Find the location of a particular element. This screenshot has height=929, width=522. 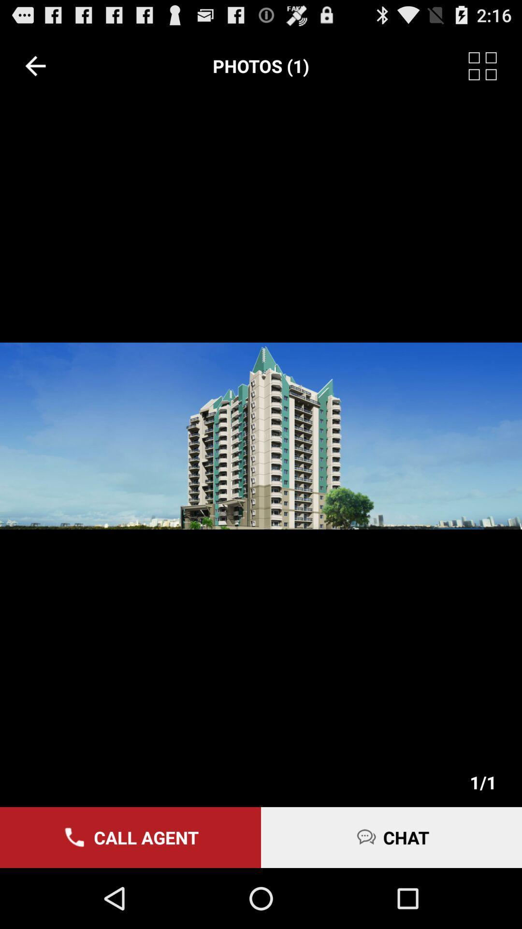

item to the right of the photos (1) icon is located at coordinates (495, 65).